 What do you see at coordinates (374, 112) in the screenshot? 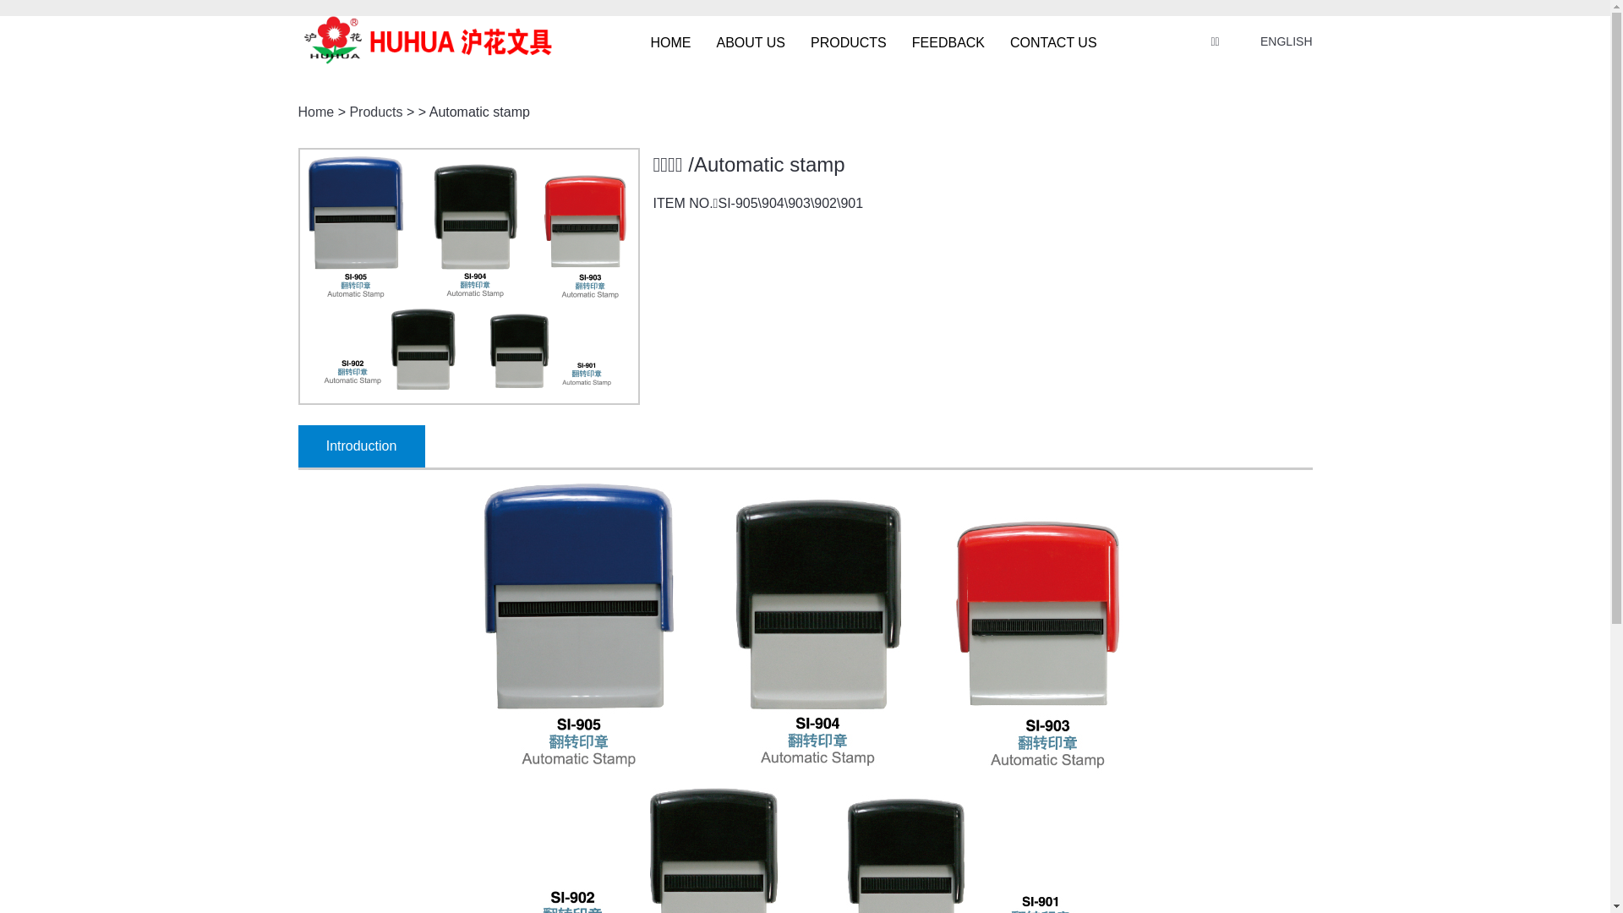
I see `'Products'` at bounding box center [374, 112].